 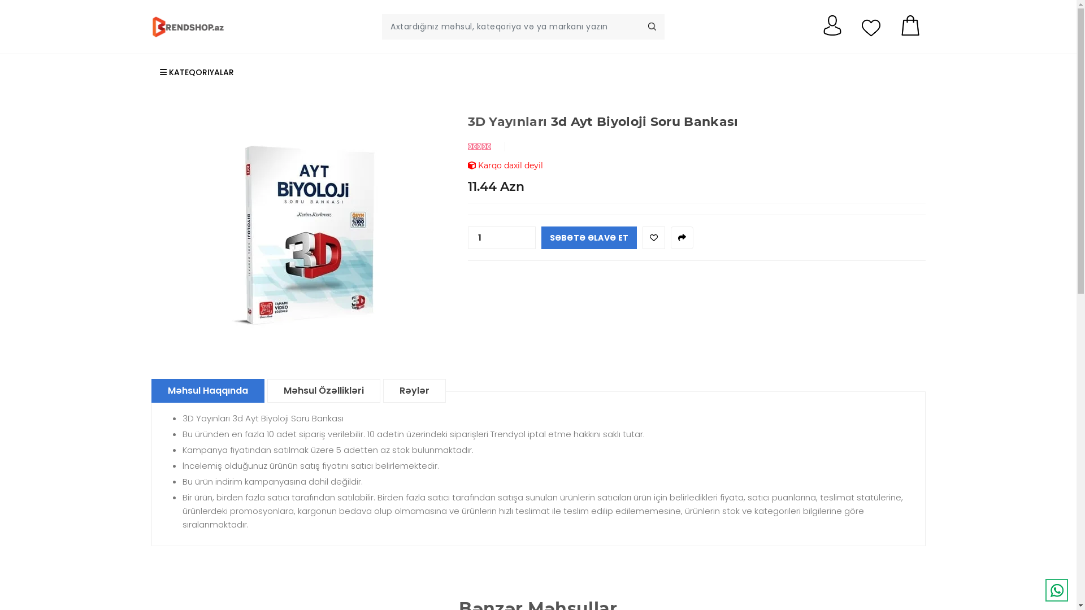 I want to click on 'Wishlist', so click(x=643, y=237).